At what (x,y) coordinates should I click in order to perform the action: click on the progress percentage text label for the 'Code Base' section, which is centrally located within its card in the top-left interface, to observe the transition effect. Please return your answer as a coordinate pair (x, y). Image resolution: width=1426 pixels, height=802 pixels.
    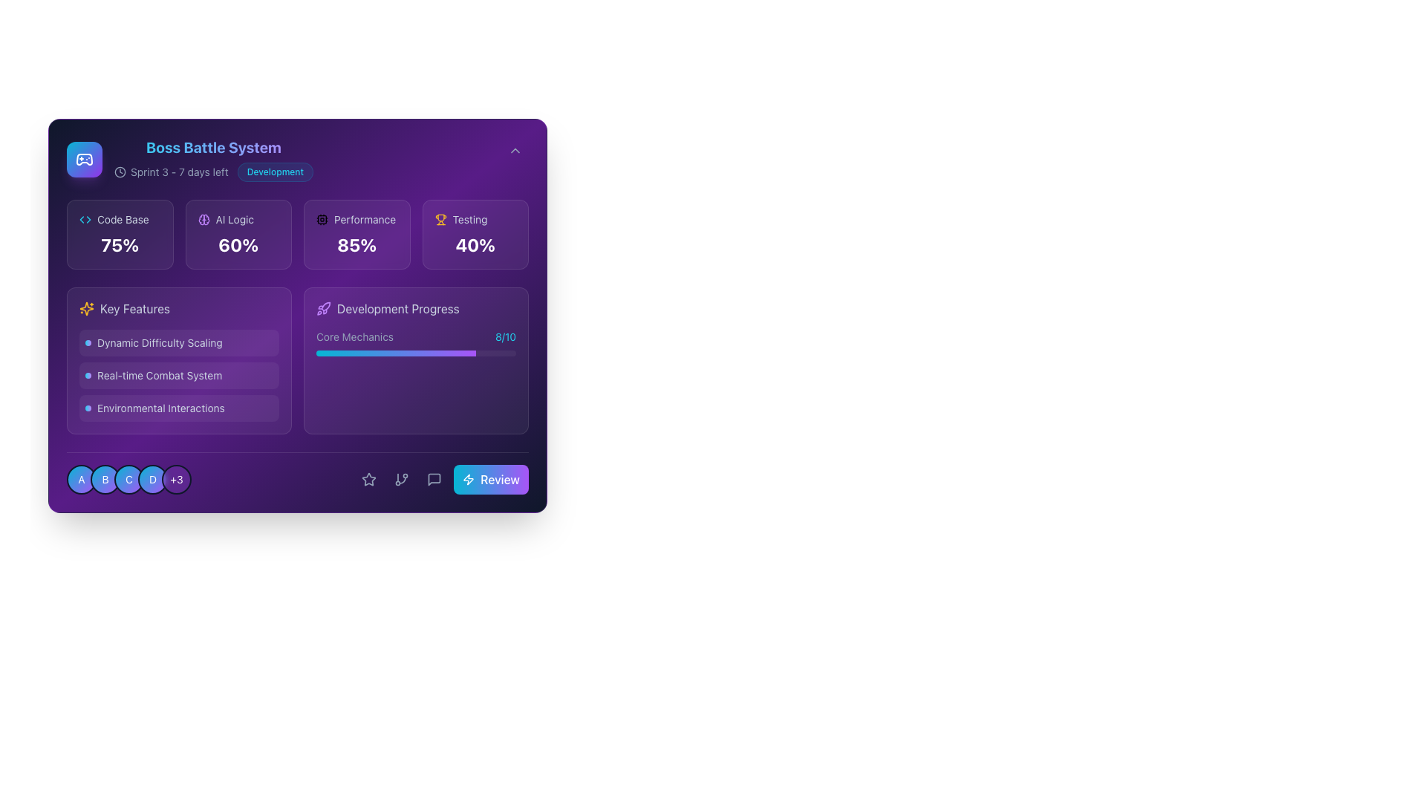
    Looking at the image, I should click on (120, 244).